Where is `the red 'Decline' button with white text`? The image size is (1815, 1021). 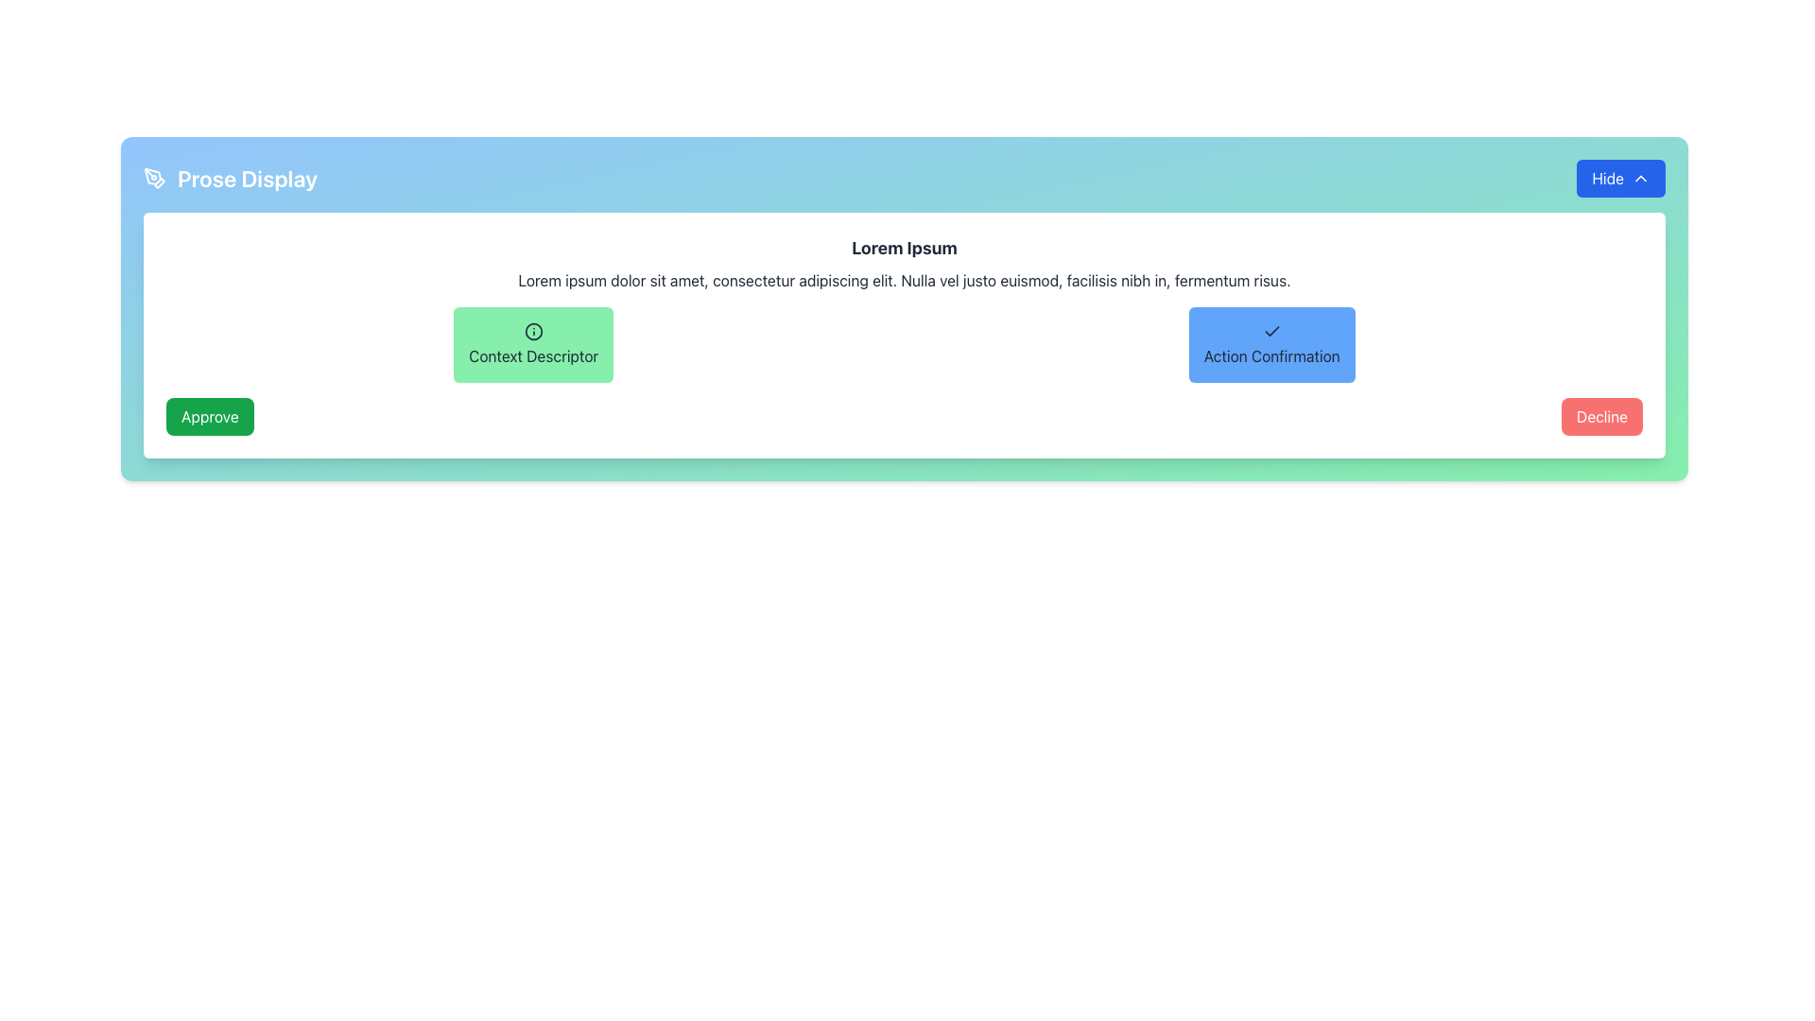
the red 'Decline' button with white text is located at coordinates (1600, 415).